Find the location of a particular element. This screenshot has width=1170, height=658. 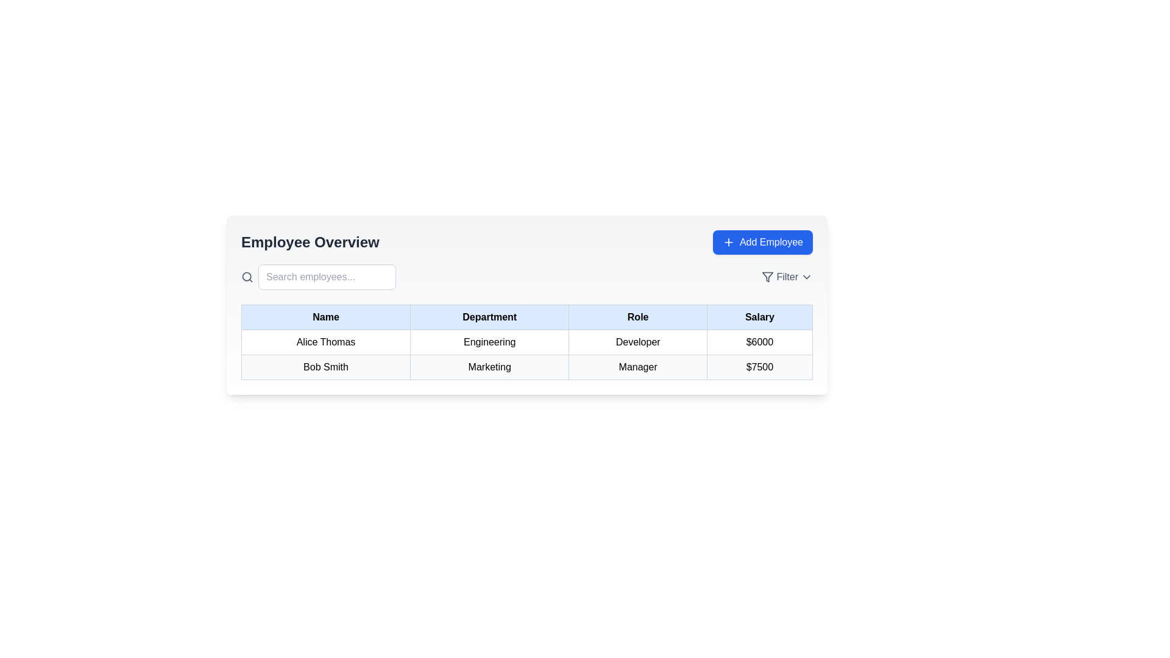

the decorative filter icon located in the top-right region of the employee overview interface, adjacent to the 'Add Employee' button is located at coordinates (767, 277).